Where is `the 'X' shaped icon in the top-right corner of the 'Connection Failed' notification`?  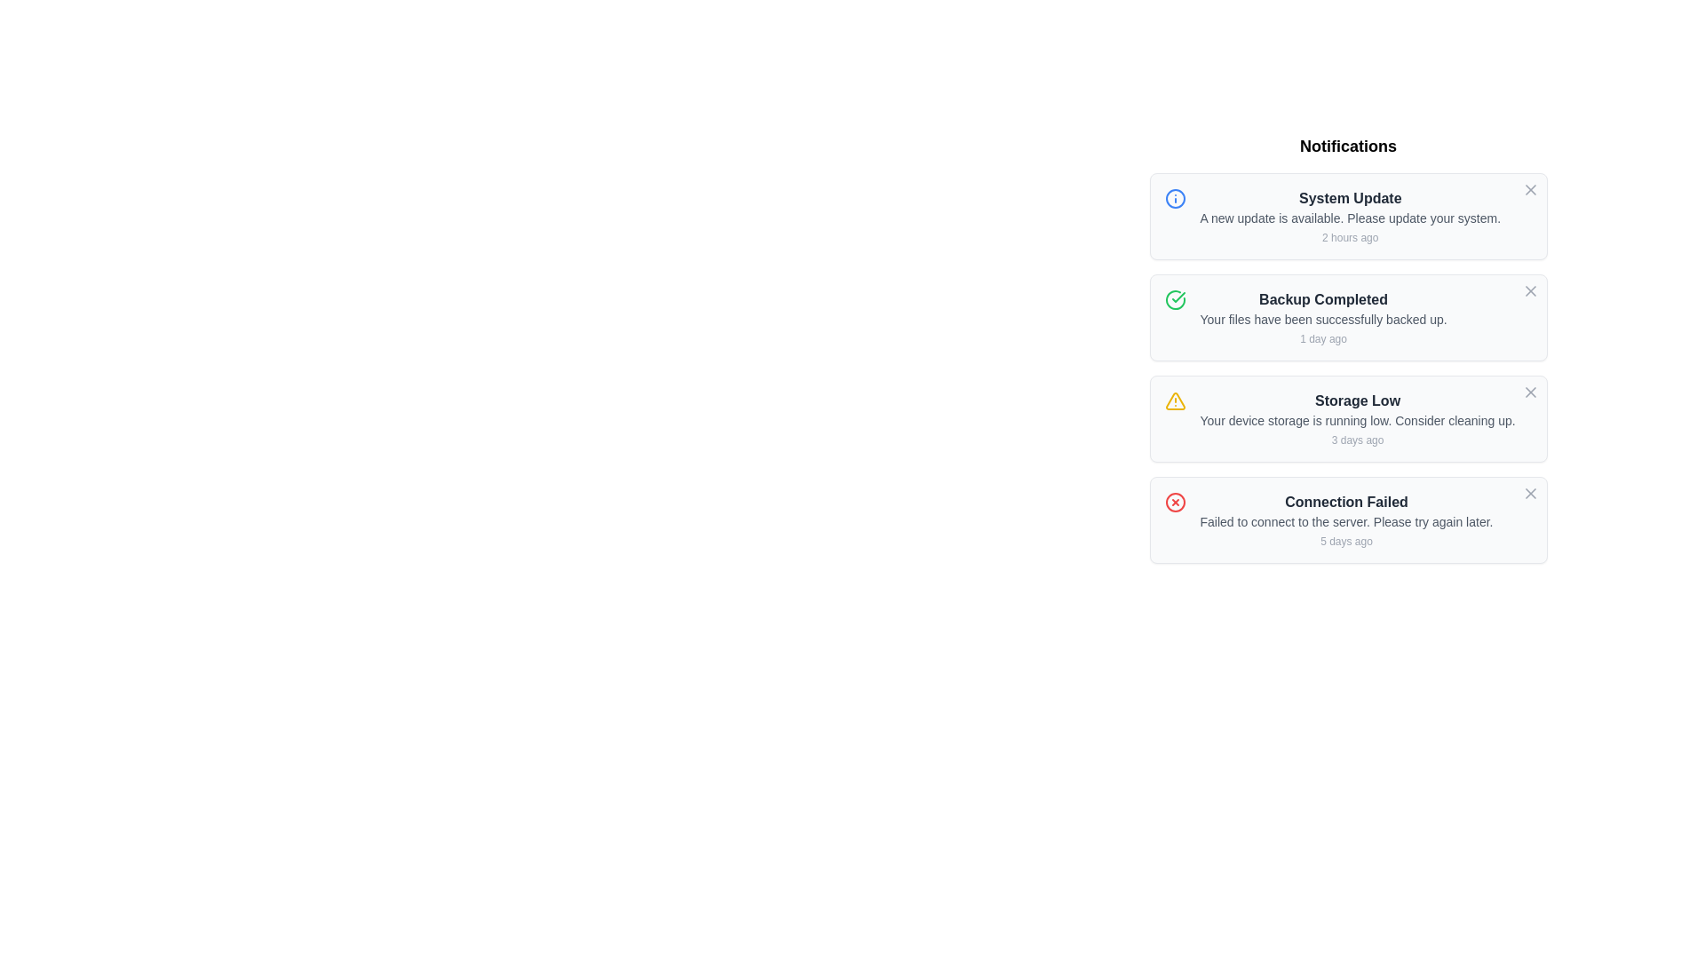 the 'X' shaped icon in the top-right corner of the 'Connection Failed' notification is located at coordinates (1529, 493).